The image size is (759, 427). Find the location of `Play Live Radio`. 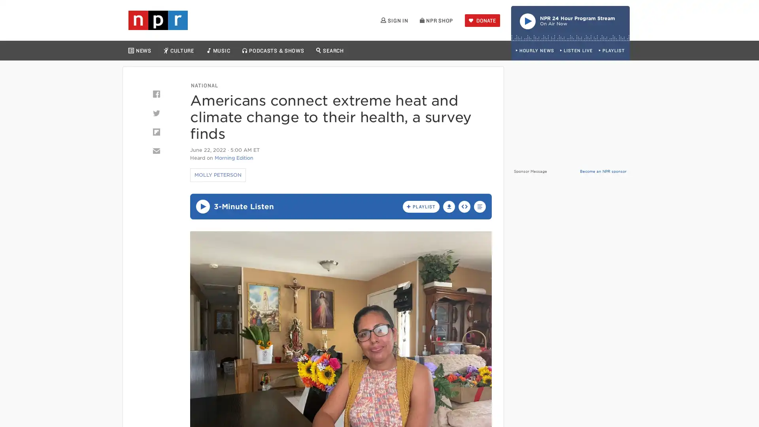

Play Live Radio is located at coordinates (570, 23).